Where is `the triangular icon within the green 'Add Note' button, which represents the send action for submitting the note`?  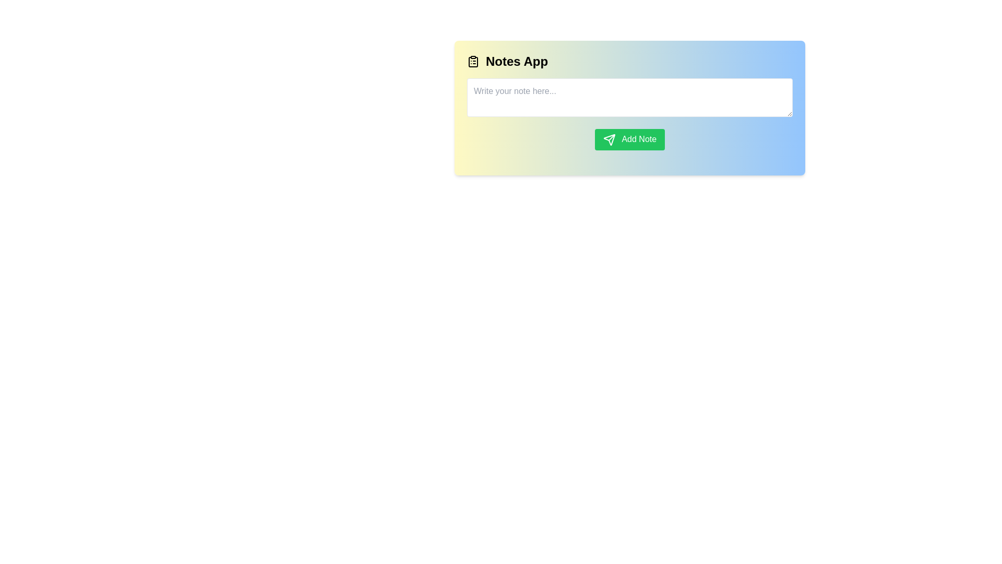
the triangular icon within the green 'Add Note' button, which represents the send action for submitting the note is located at coordinates (609, 139).